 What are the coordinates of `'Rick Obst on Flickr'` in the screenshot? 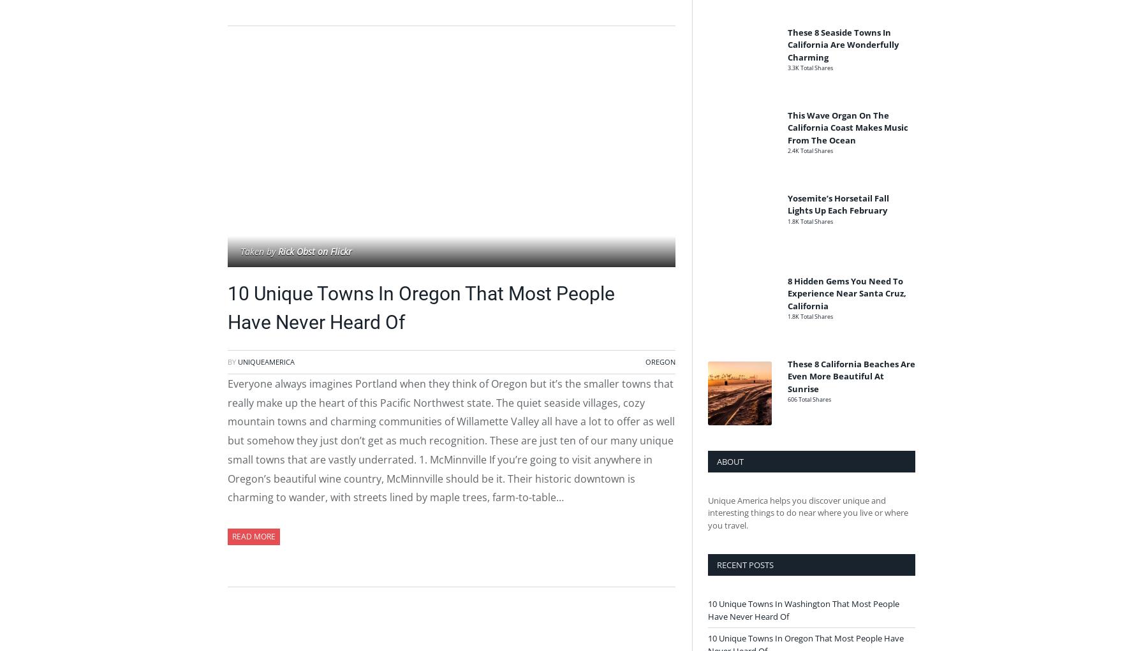 It's located at (315, 250).